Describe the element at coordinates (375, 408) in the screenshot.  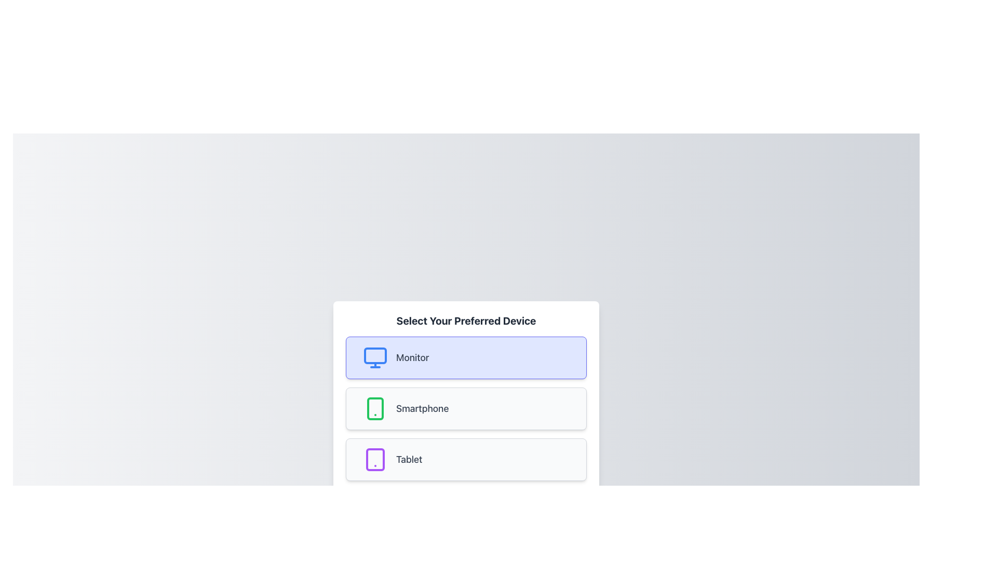
I see `the 'Smartphone' icon located within the second button of the device selection interface` at that location.